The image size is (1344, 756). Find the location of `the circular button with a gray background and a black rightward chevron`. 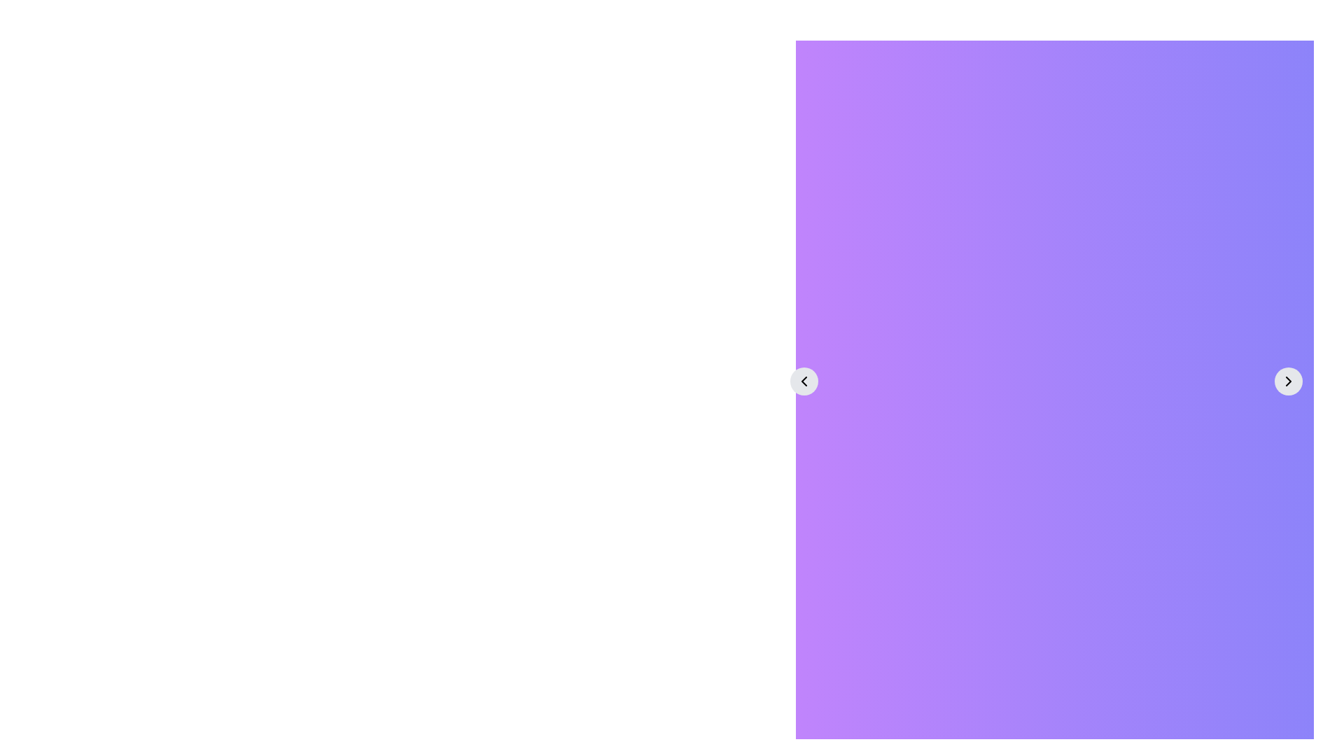

the circular button with a gray background and a black rightward chevron is located at coordinates (1288, 381).